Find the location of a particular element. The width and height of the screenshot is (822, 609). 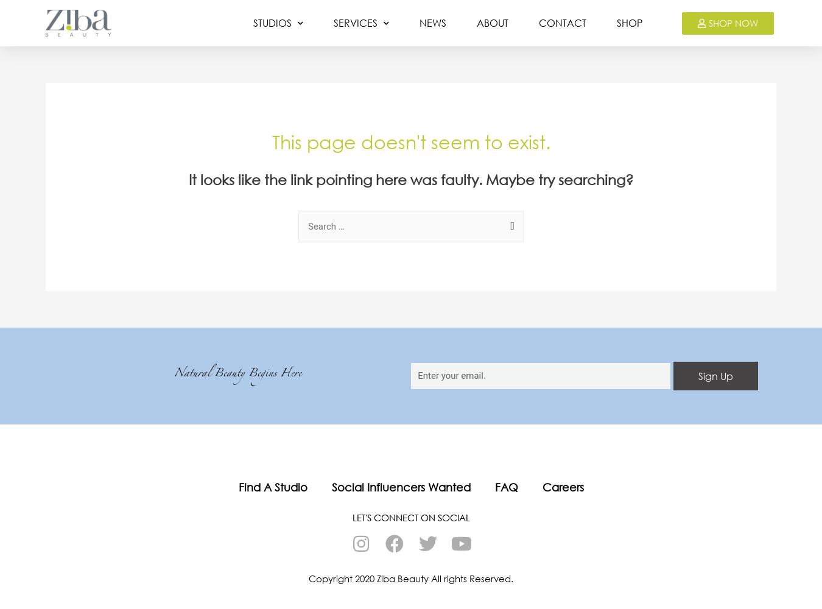

'Natural Beauty Begins Here' is located at coordinates (237, 374).